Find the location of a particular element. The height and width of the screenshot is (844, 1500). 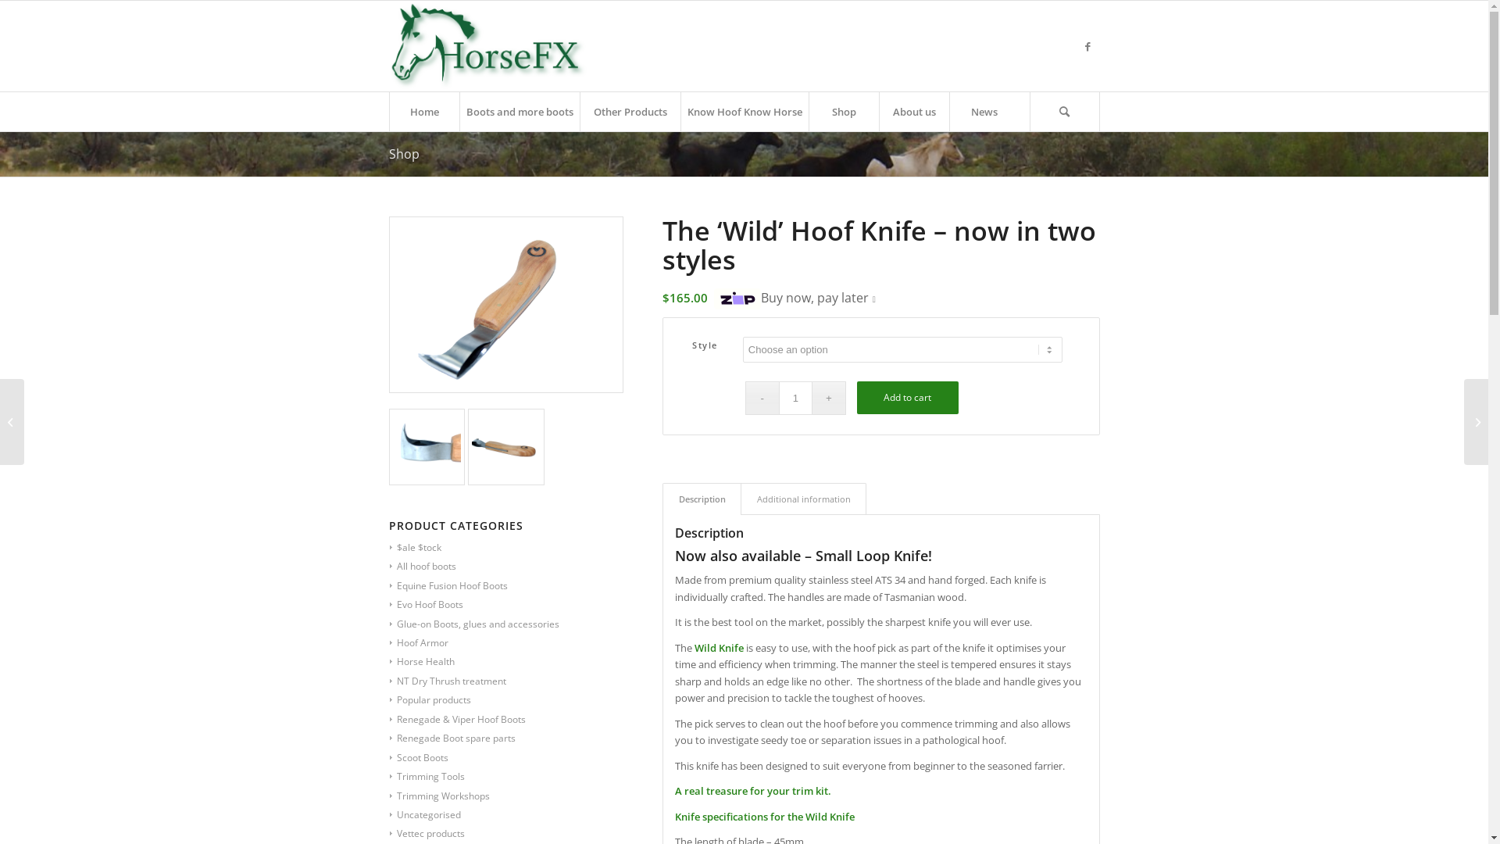

'All hoof boots' is located at coordinates (422, 566).